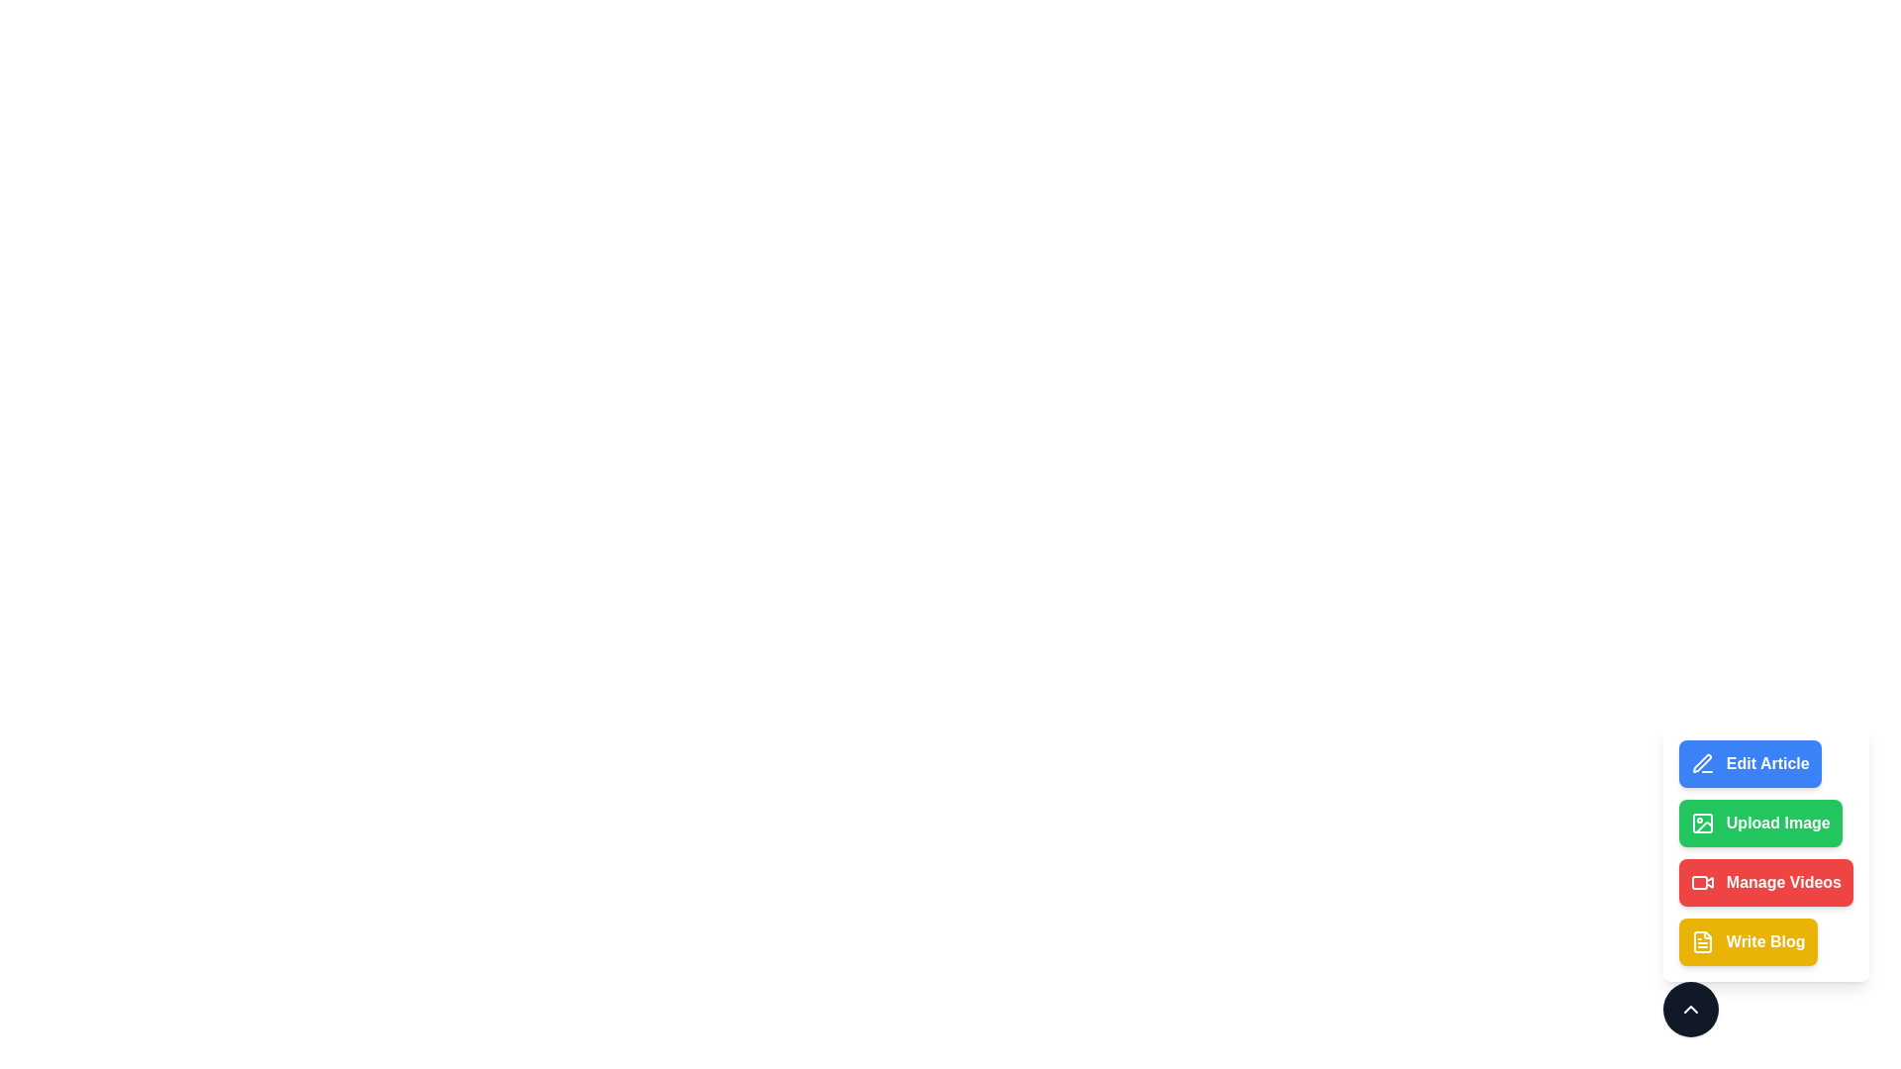 Image resolution: width=1901 pixels, height=1069 pixels. What do you see at coordinates (1750, 762) in the screenshot?
I see `the action Edit Article from the menu` at bounding box center [1750, 762].